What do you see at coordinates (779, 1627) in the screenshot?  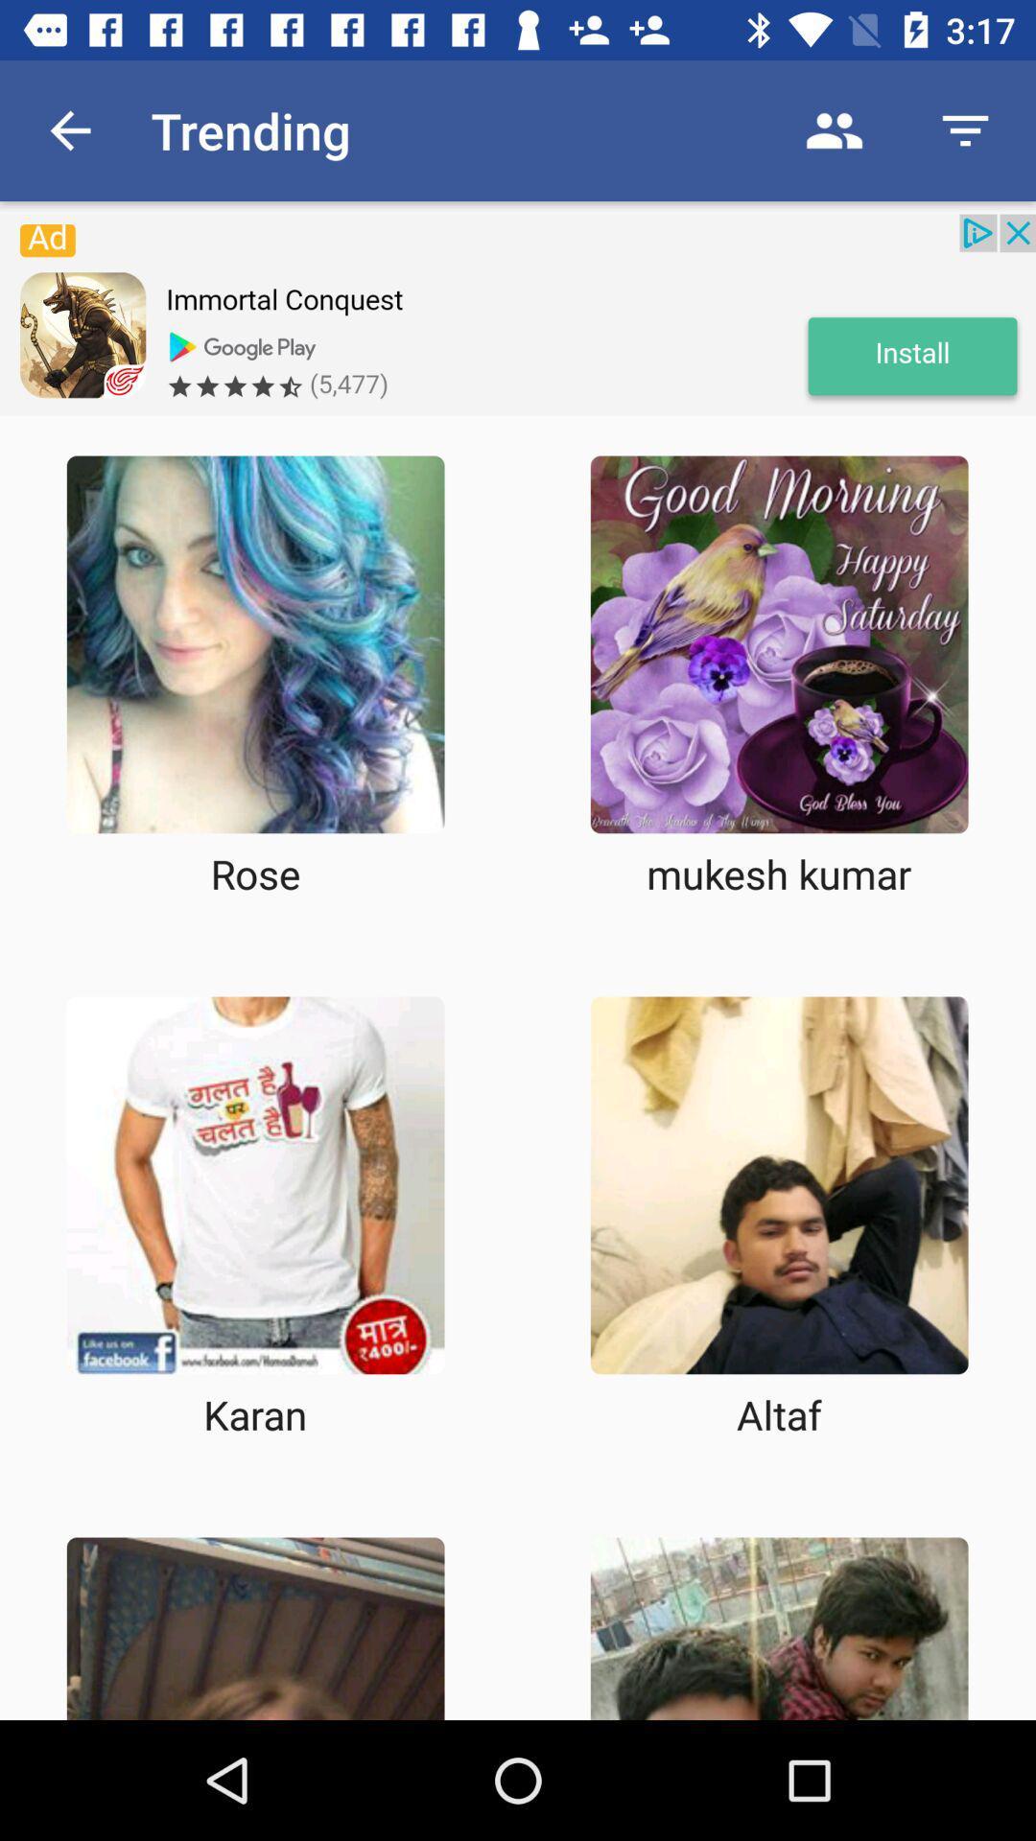 I see `choose box` at bounding box center [779, 1627].